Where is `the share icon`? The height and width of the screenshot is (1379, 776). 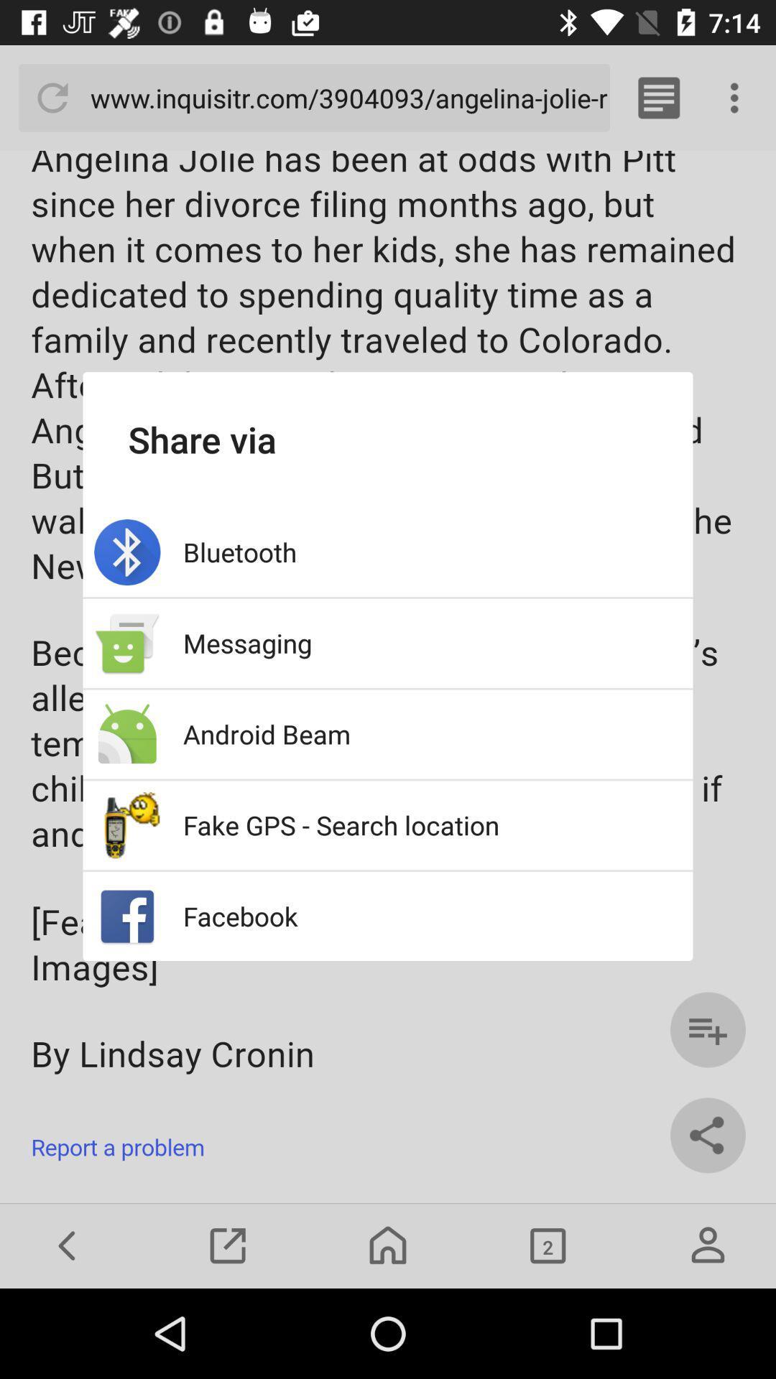
the share icon is located at coordinates (707, 1134).